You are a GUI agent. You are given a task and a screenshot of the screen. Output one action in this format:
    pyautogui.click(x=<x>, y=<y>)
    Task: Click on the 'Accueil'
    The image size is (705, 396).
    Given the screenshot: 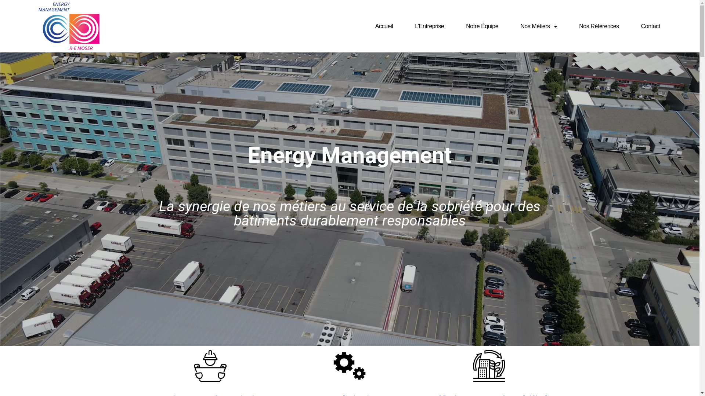 What is the action you would take?
    pyautogui.click(x=384, y=26)
    